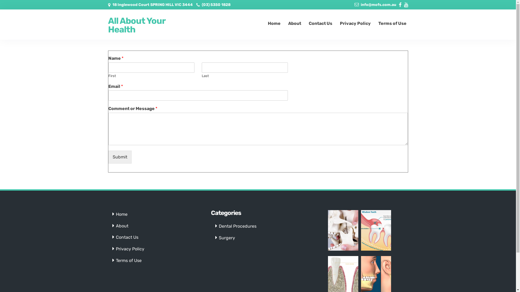 This screenshot has width=520, height=292. I want to click on 'info@mofs.com.au', so click(378, 5).